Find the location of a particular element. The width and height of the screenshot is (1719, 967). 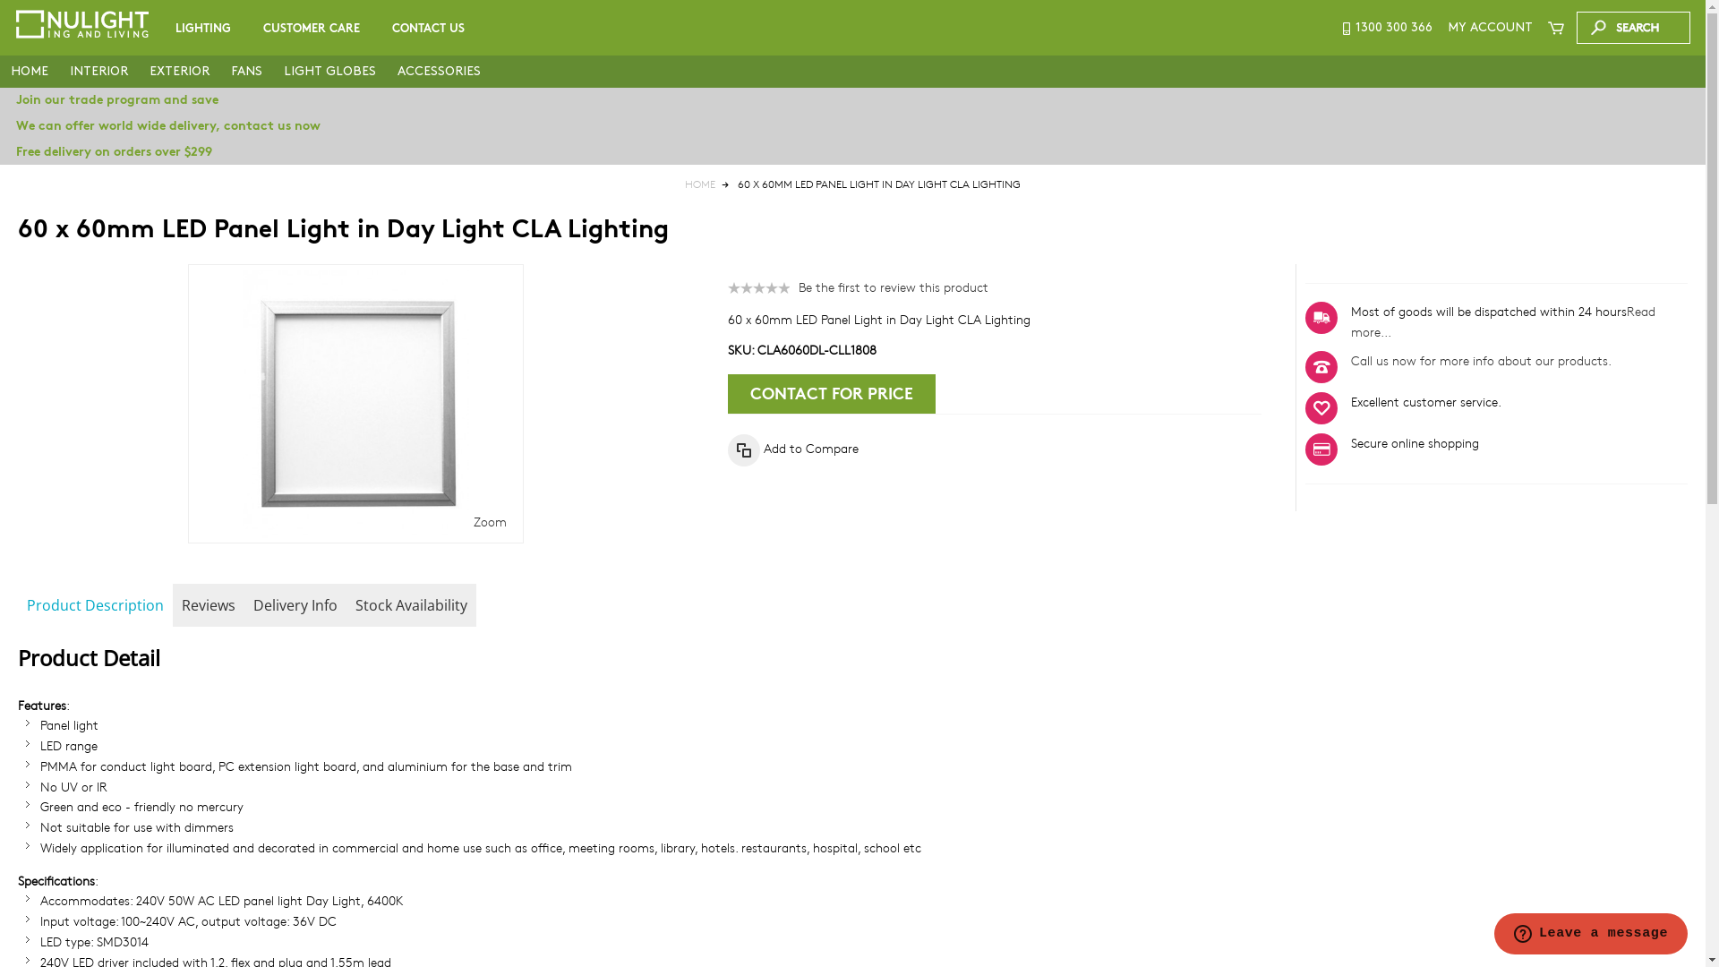

'CONTACT US' is located at coordinates (427, 28).